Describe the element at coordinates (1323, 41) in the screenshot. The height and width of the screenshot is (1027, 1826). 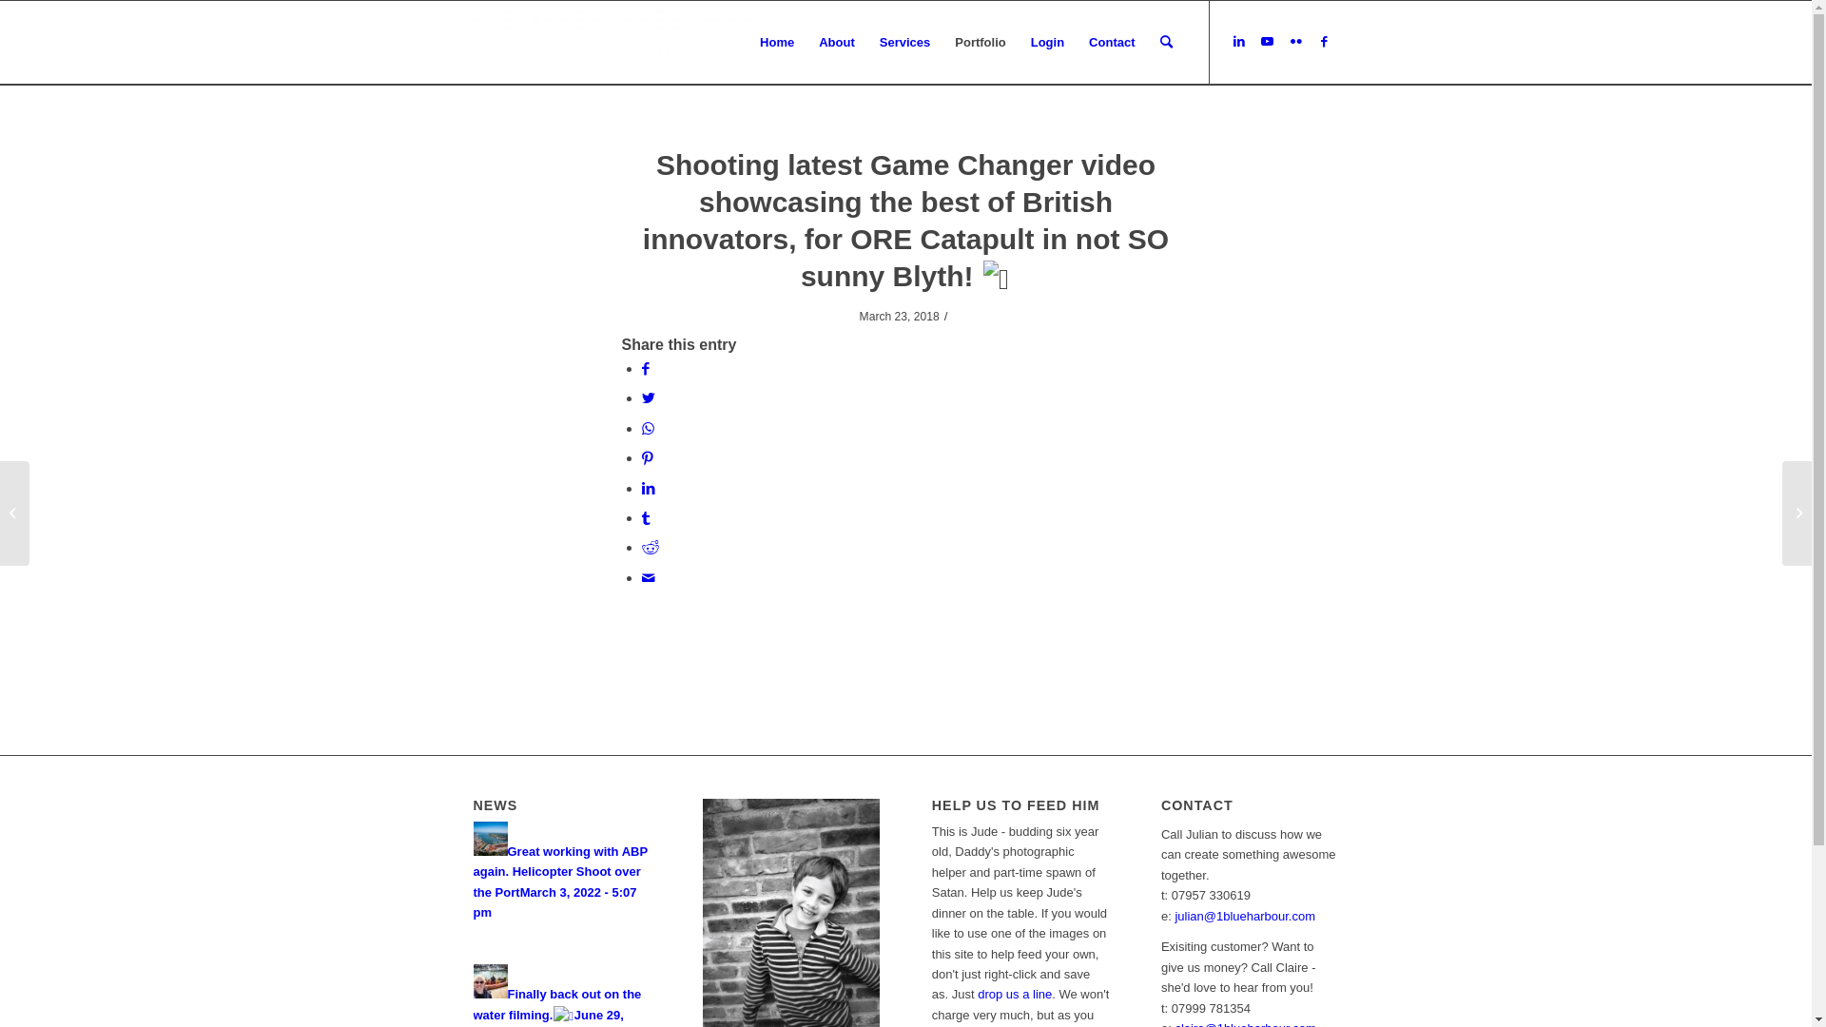
I see `'Facebook'` at that location.